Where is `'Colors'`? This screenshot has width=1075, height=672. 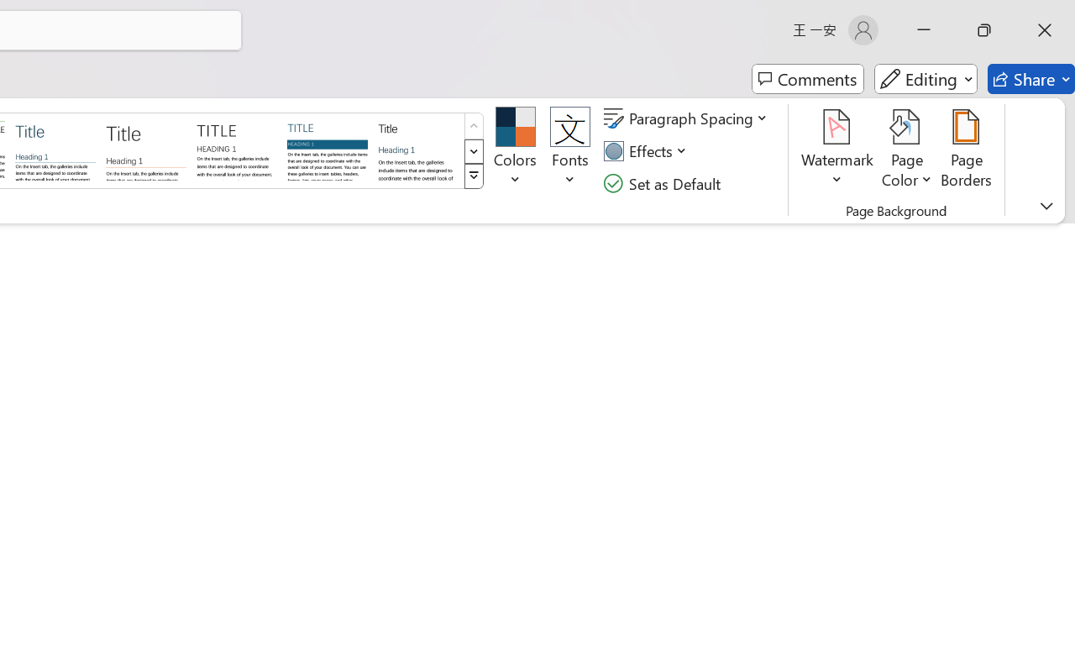 'Colors' is located at coordinates (514, 150).